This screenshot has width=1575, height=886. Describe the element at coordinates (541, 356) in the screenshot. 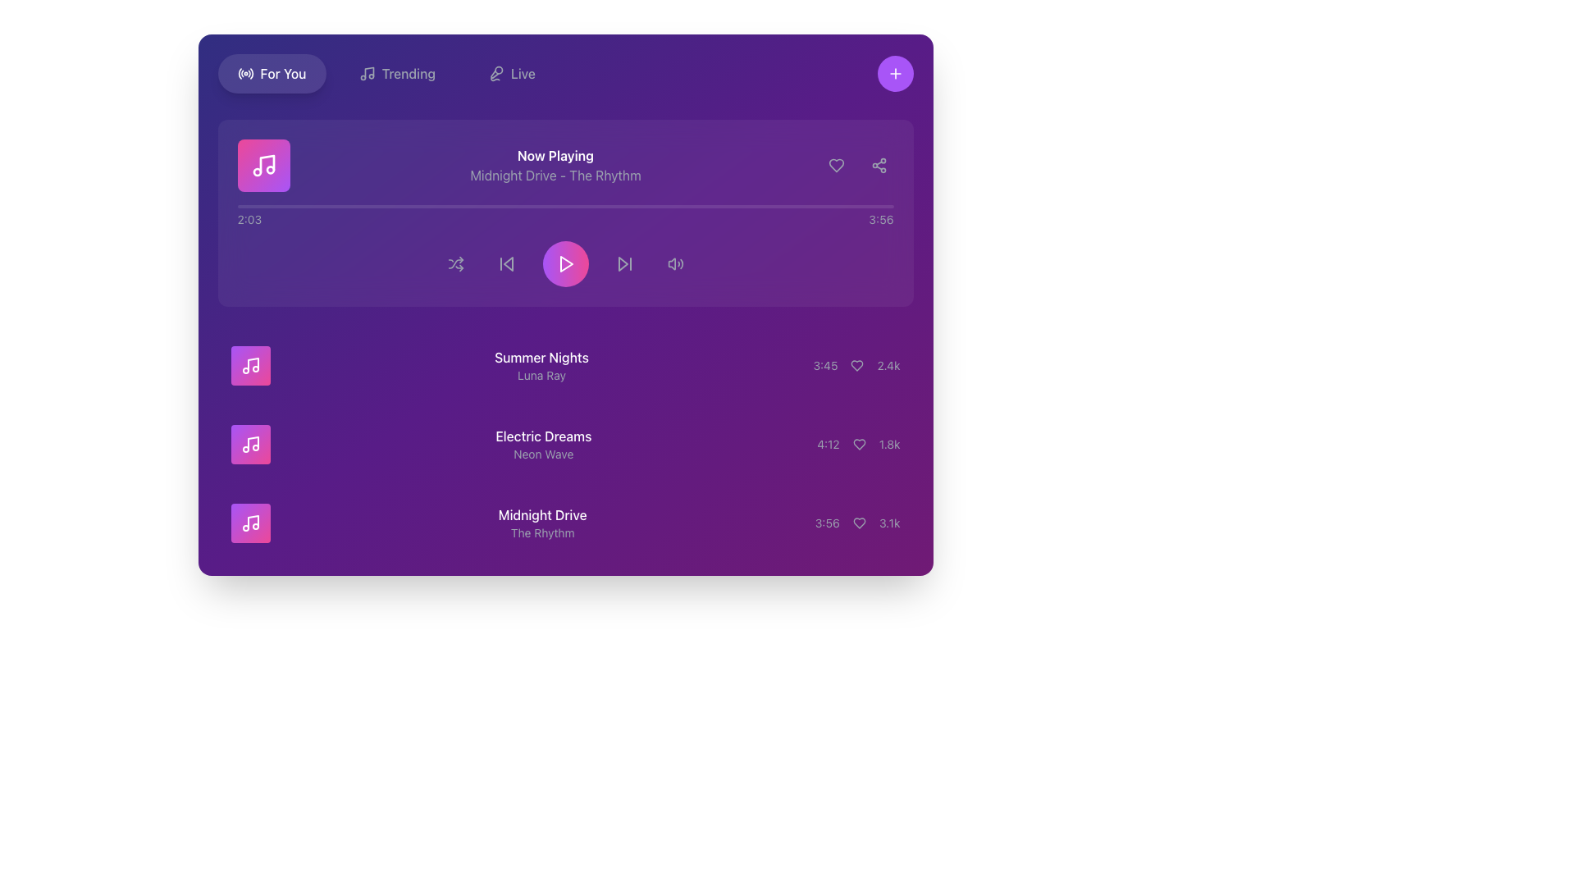

I see `the 'Summer Nights' text label in the purple-themed music interface` at that location.